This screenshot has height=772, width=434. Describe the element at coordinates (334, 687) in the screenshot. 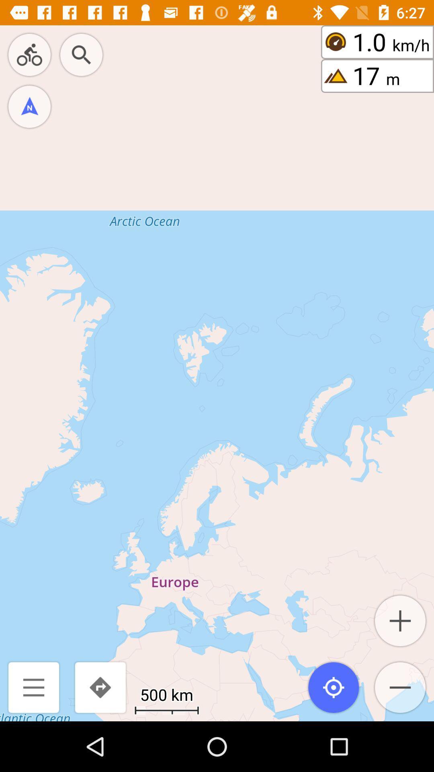

I see `the location_crosshair icon` at that location.